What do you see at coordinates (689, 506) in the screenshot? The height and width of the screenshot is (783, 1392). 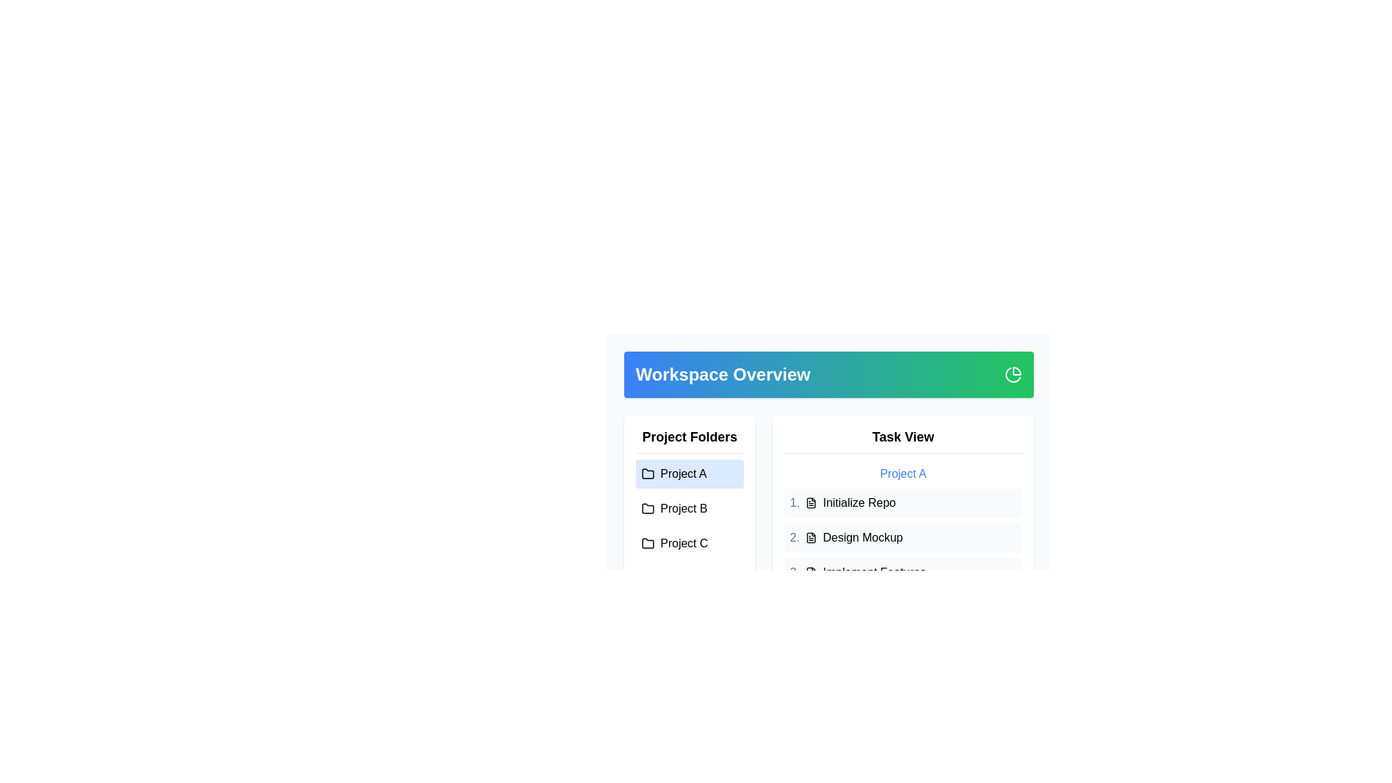 I see `the 'Project B' folder within the 'Project Folders' list` at bounding box center [689, 506].